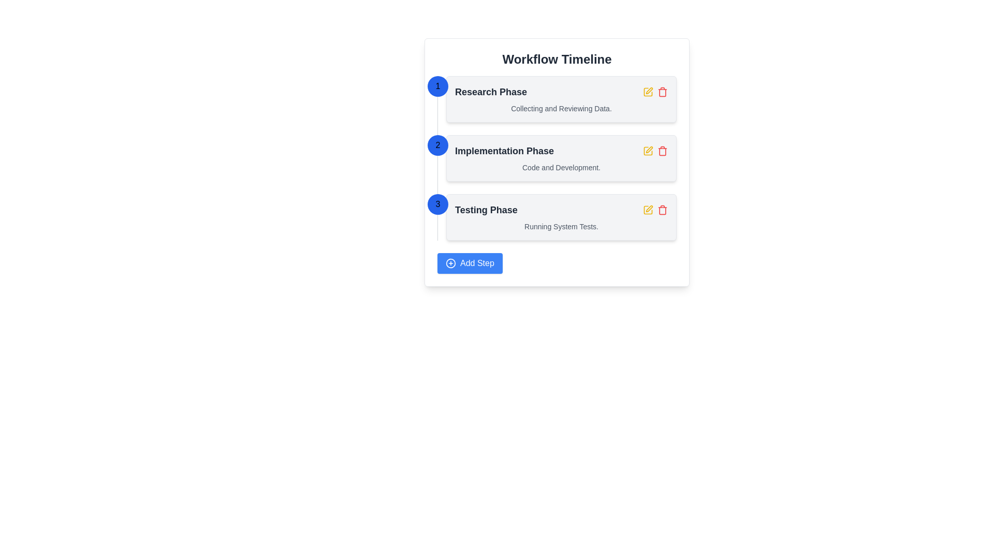 The image size is (994, 559). I want to click on the 'Testing Phase' label, which is a prominent textual label in bold and large font, styled in dark-gray, located in the workflow timeline interface between 'Implementation Phase' and the 'Add Step' button, so click(486, 210).